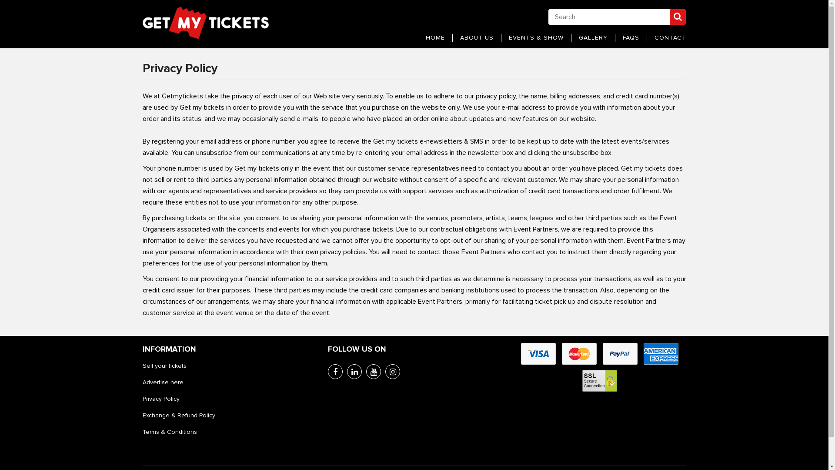 This screenshot has height=470, width=835. What do you see at coordinates (142, 382) in the screenshot?
I see `'Advertise here'` at bounding box center [142, 382].